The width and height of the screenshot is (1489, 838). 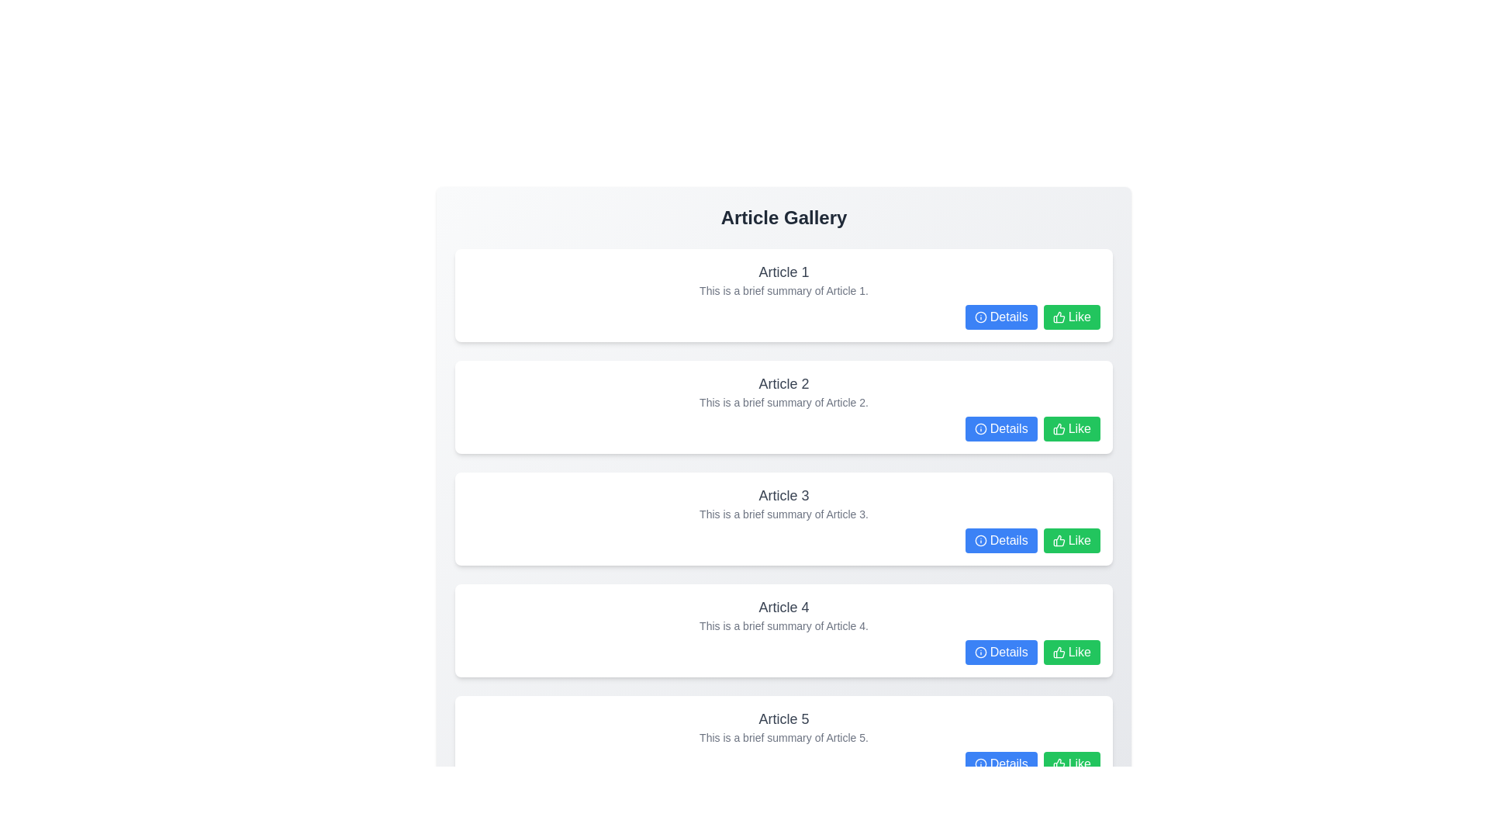 I want to click on the static text element displaying the summary of 'Article 3', which is styled with a small font size and gray color, positioned directly beneath the title 'Article 3', so click(x=784, y=514).